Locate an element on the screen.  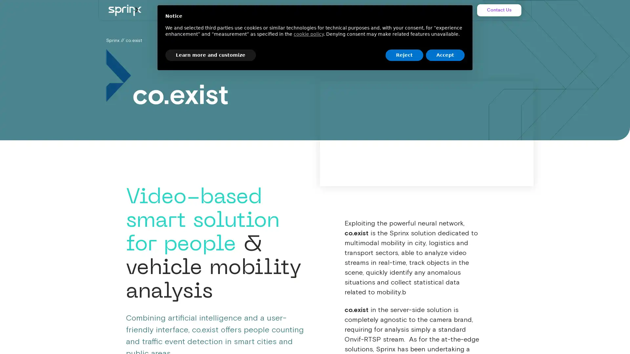
Accept is located at coordinates (445, 55).